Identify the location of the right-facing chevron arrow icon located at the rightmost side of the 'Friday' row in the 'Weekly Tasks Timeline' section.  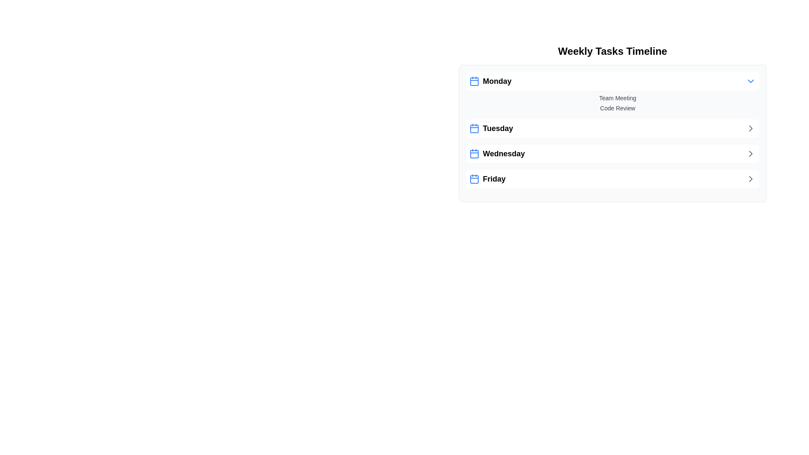
(750, 178).